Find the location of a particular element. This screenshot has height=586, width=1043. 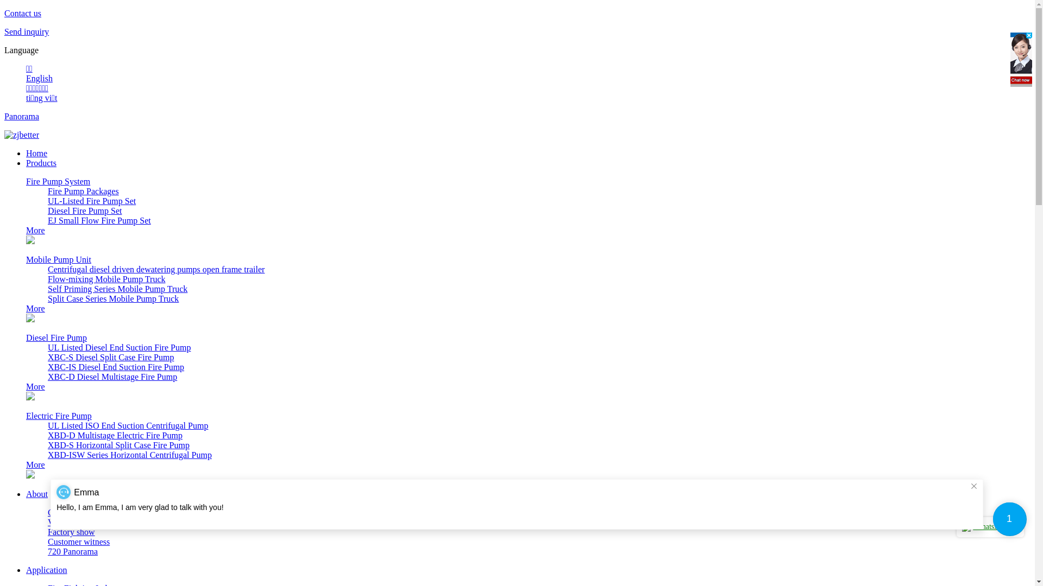

'UL-Listed Fire Pump Set' is located at coordinates (91, 201).